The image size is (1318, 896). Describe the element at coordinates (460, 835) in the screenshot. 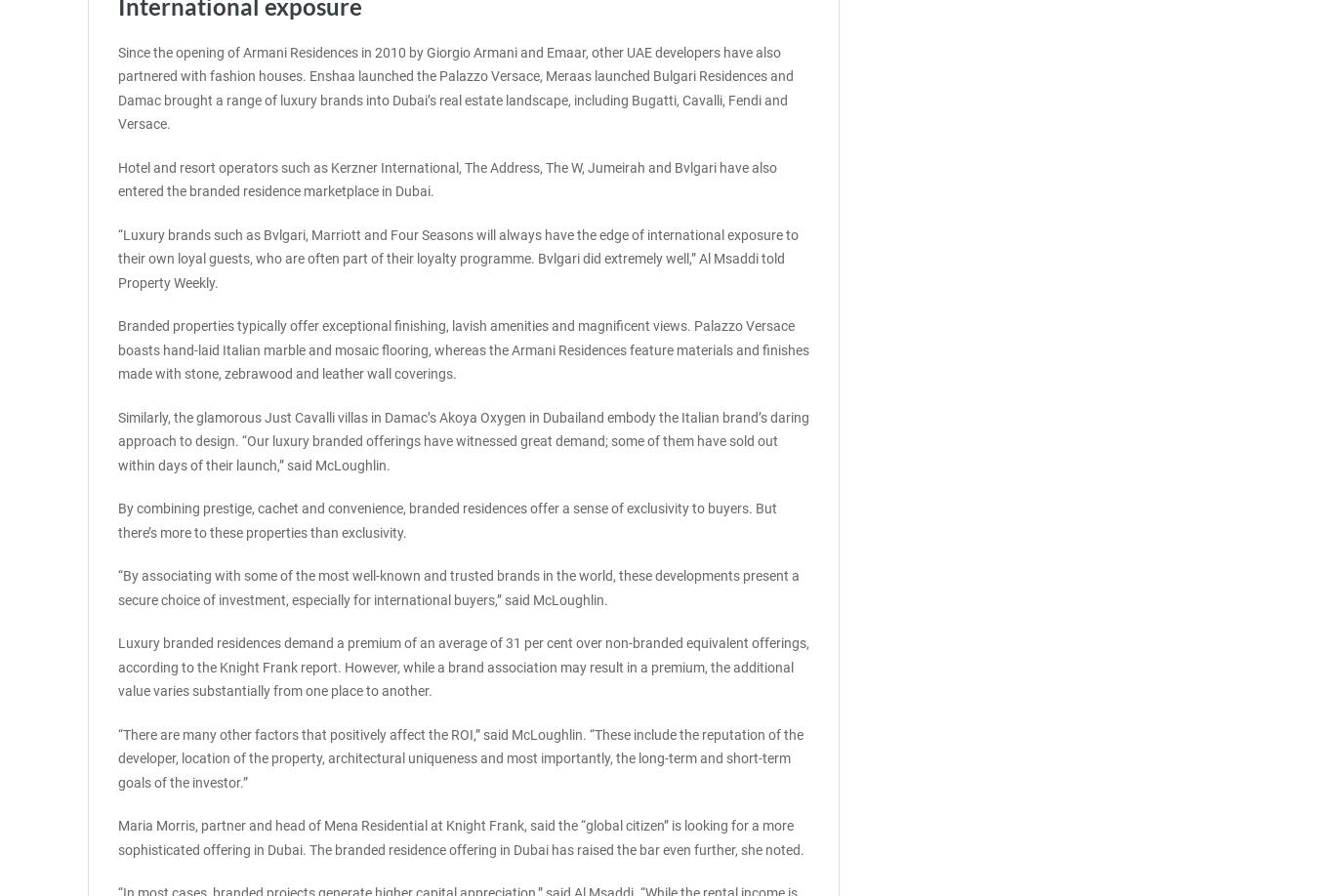

I see `'Maria Morris, partner and head of Mena Residential at Knight Frank, said the “global citizen” is looking for a more sophisticated offering in Dubai. The branded residence offering in Dubai has raised the bar even further, she noted.'` at that location.